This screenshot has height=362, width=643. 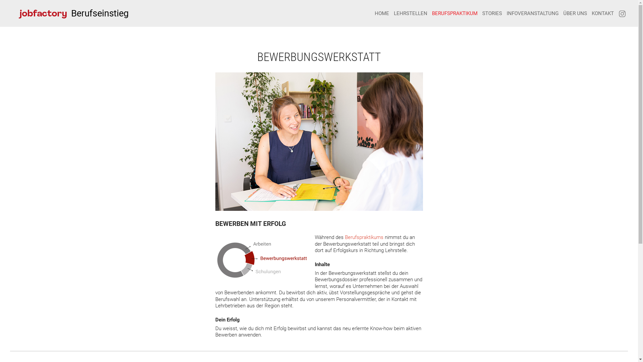 I want to click on 'BERUFSPRAKTIKUM', so click(x=432, y=13).